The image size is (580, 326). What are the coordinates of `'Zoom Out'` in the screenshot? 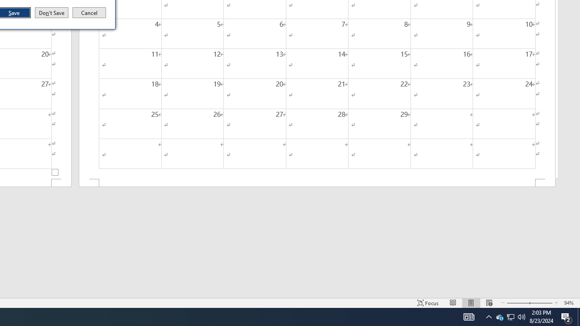 It's located at (522, 316).